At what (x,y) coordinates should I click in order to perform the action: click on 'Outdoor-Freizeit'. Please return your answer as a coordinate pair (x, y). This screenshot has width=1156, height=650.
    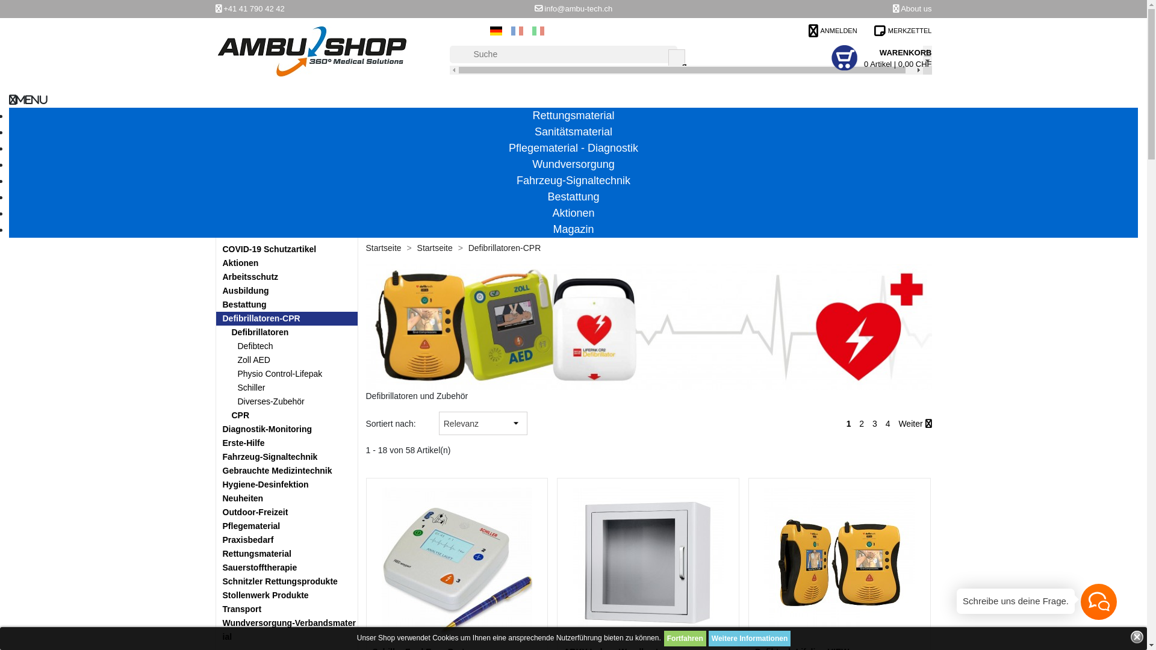
    Looking at the image, I should click on (285, 512).